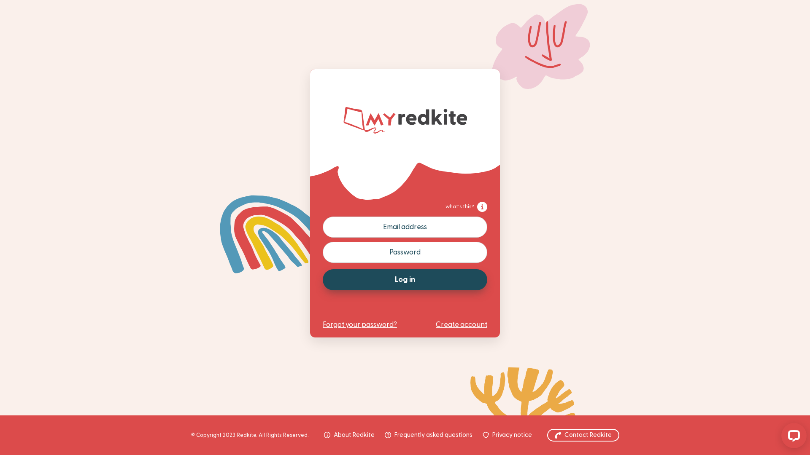 This screenshot has width=810, height=455. What do you see at coordinates (360, 324) in the screenshot?
I see `'Forgot your password?'` at bounding box center [360, 324].